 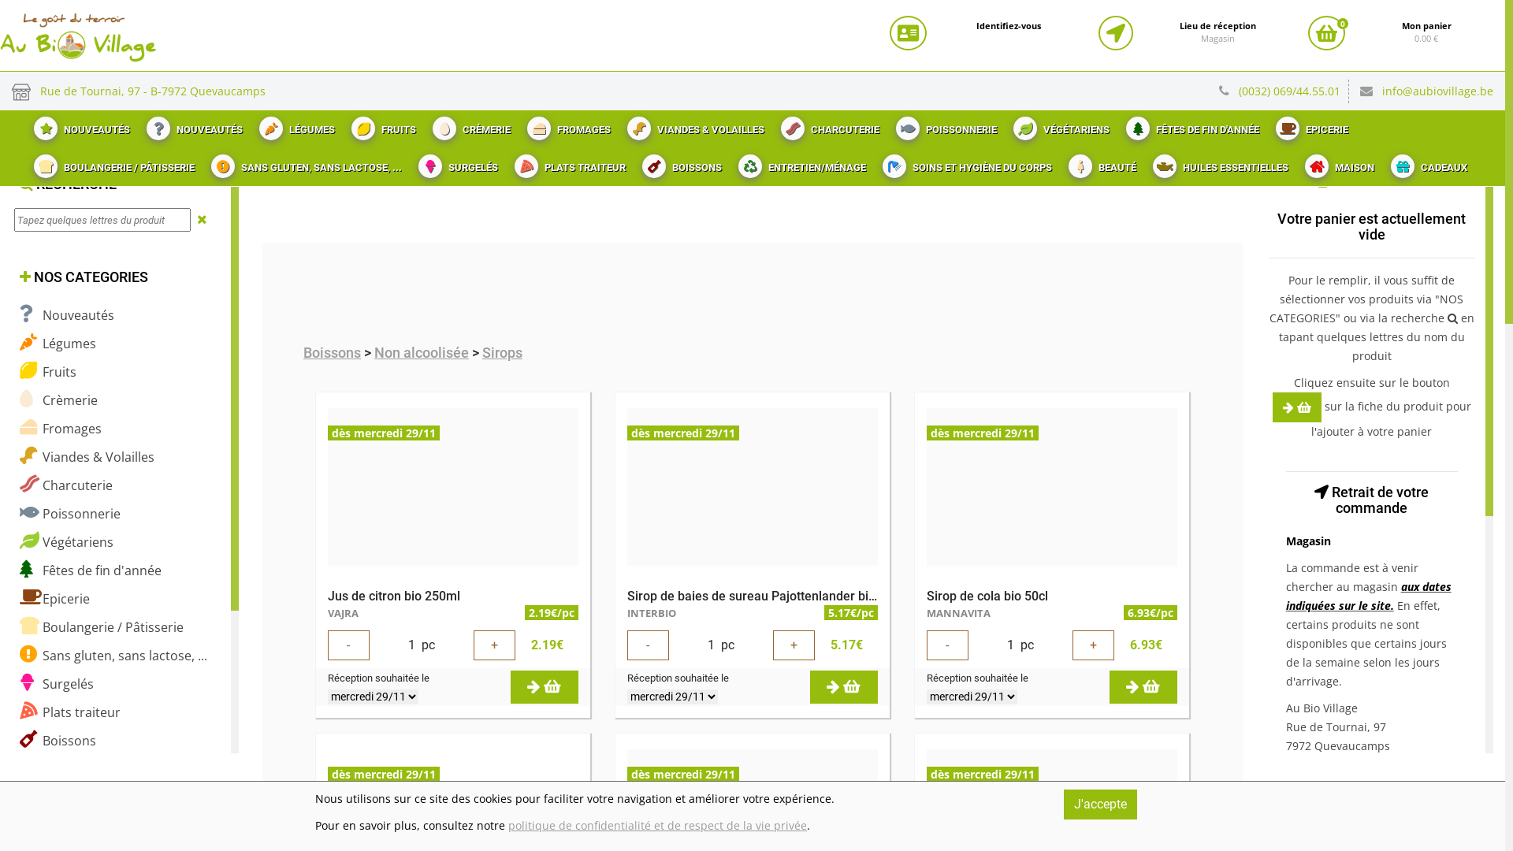 I want to click on 'PLATS TRAITEUR', so click(x=567, y=163).